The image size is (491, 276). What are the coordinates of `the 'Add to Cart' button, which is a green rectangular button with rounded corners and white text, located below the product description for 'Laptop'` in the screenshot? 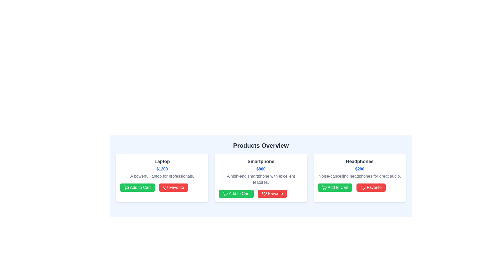 It's located at (137, 187).